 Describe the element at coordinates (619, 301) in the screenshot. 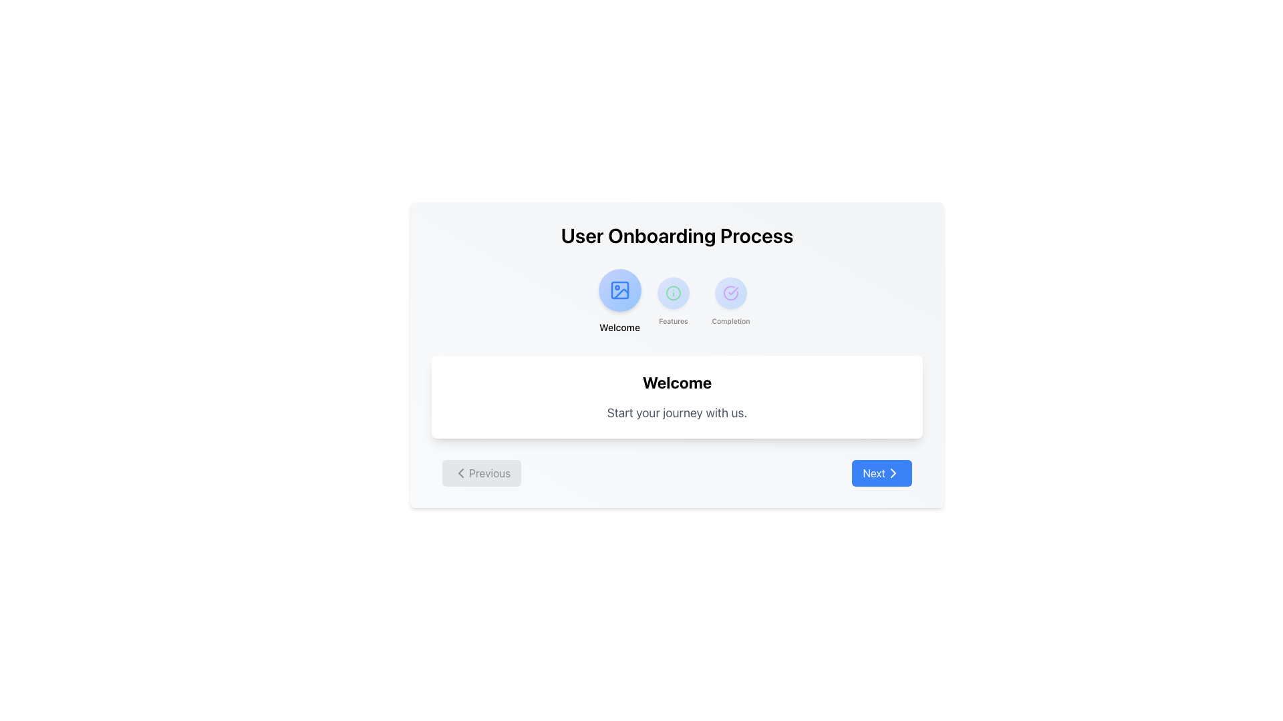

I see `the first Clickable Navigation Item labeled 'Welcome', which features a circular gradient background and an image icon` at that location.